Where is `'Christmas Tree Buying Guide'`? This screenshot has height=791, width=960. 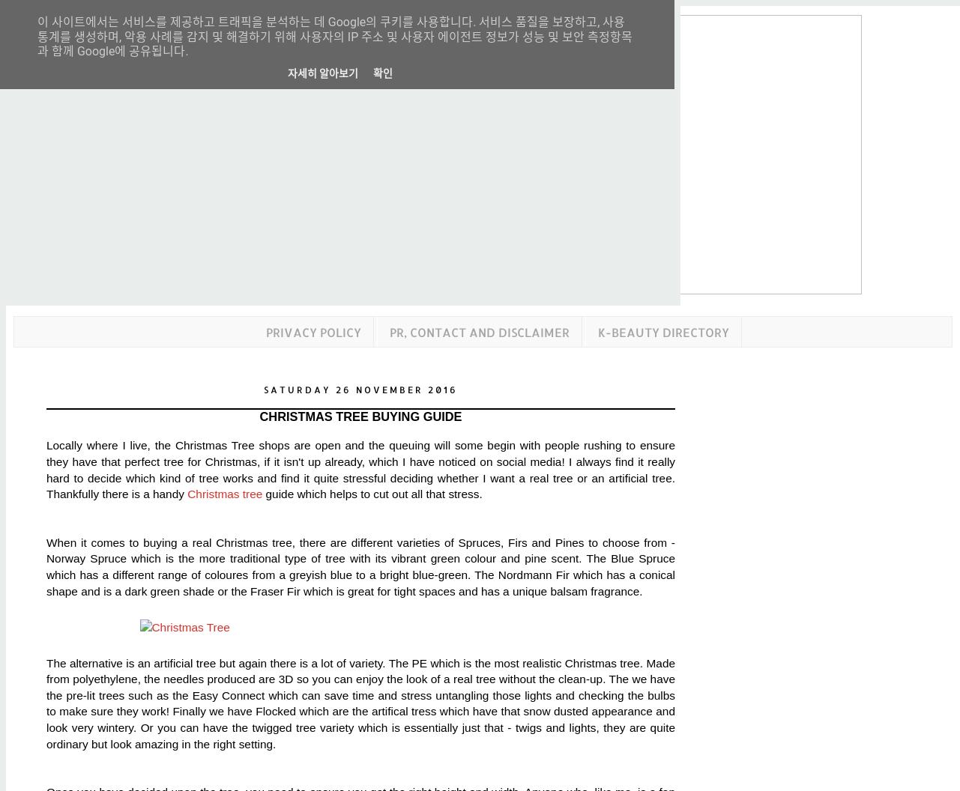 'Christmas Tree Buying Guide' is located at coordinates (360, 416).